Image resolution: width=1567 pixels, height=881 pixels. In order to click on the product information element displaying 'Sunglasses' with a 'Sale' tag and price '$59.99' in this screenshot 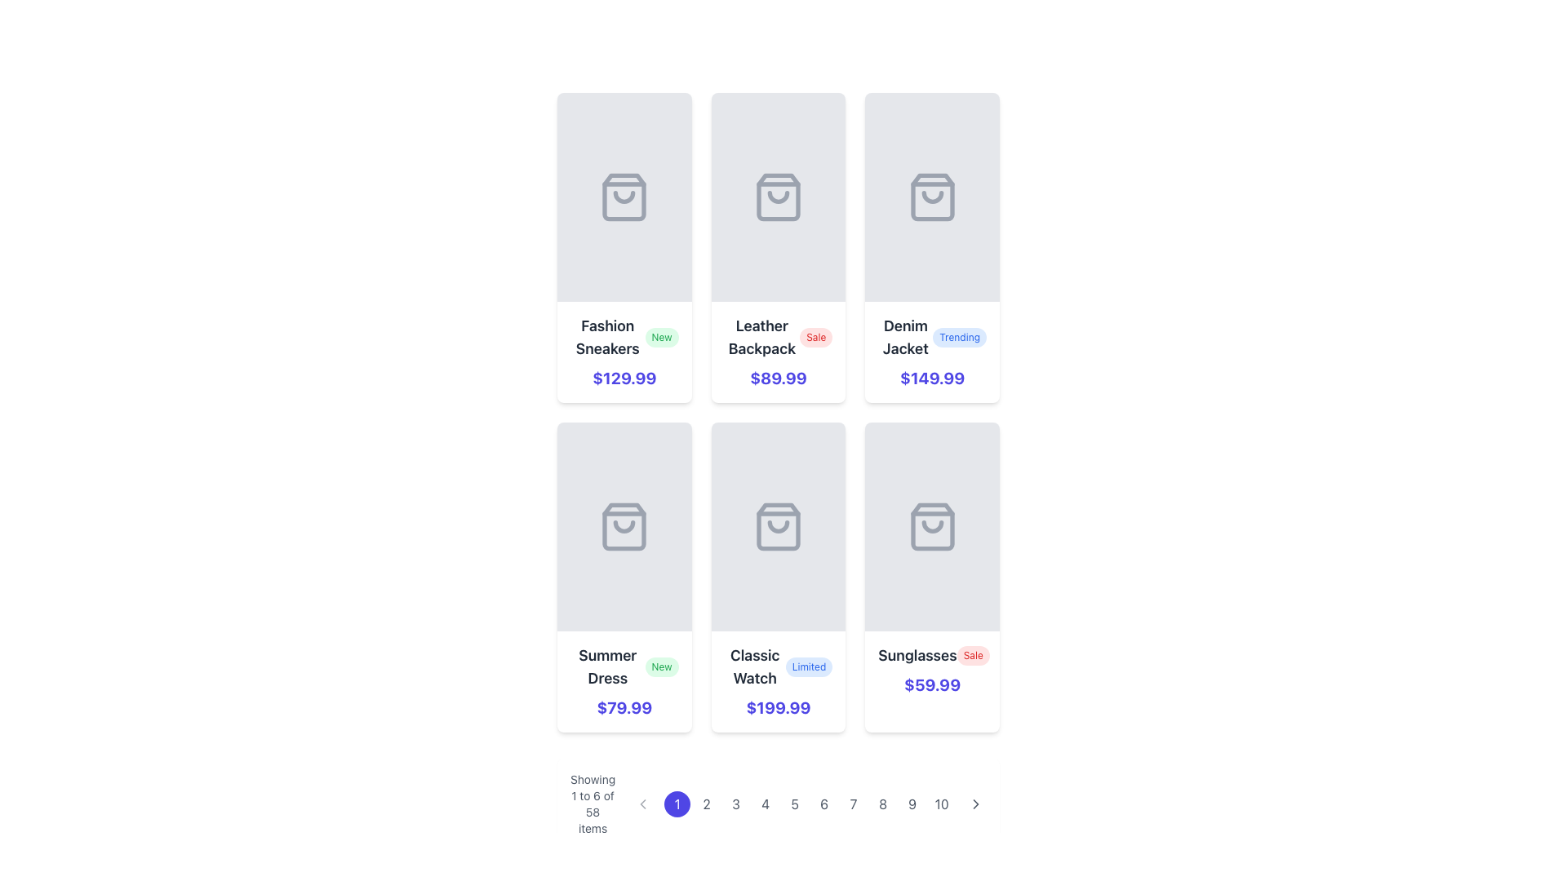, I will do `click(932, 670)`.